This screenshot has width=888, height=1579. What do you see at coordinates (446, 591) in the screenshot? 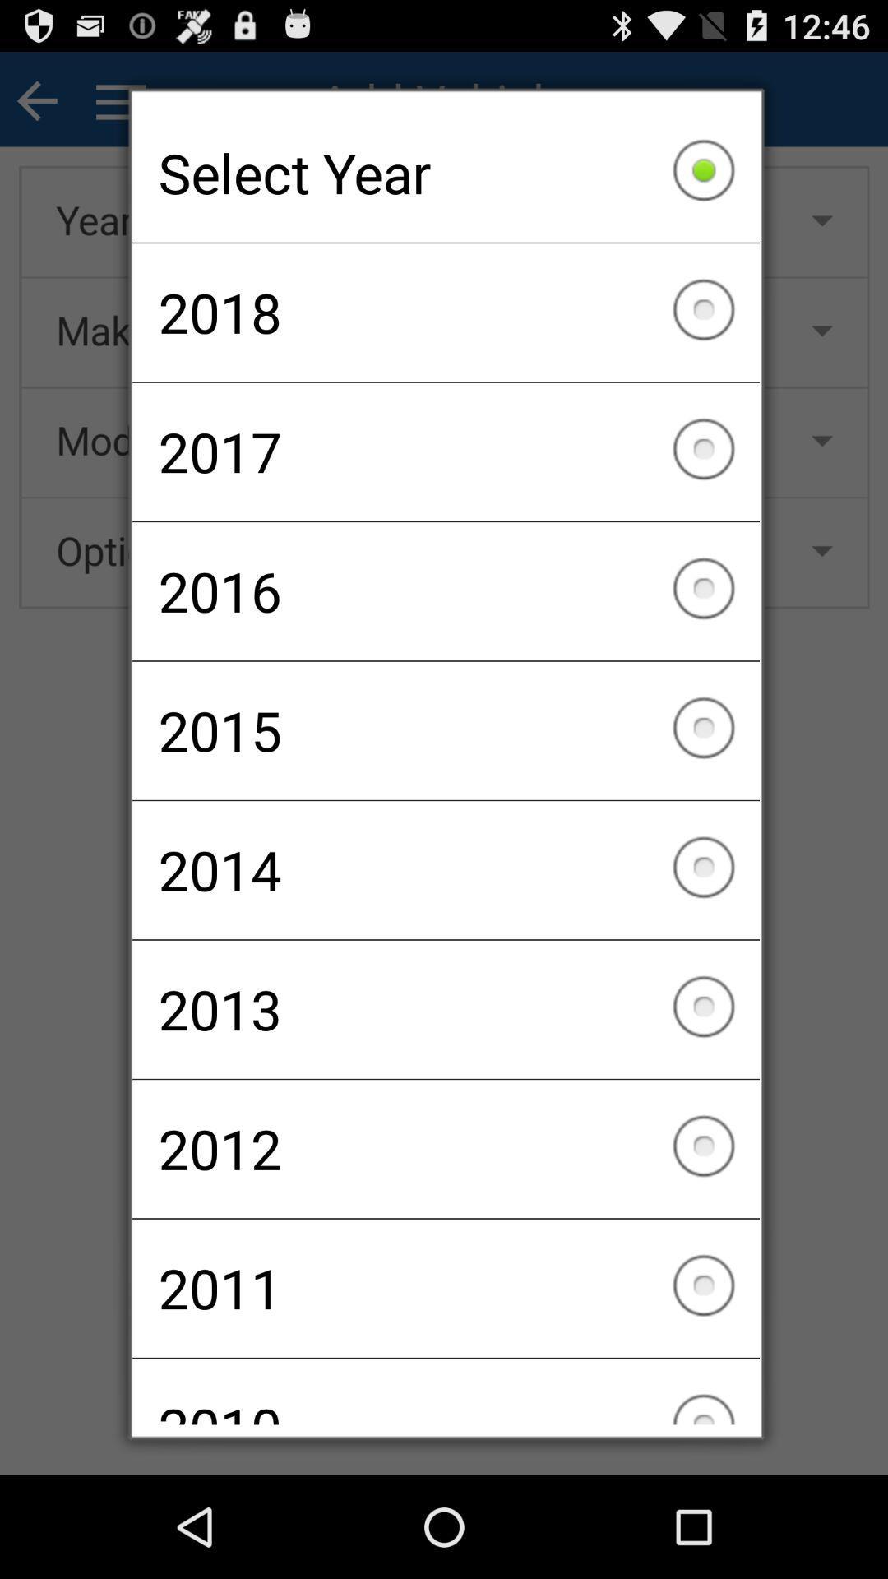
I see `icon above the 2015 item` at bounding box center [446, 591].